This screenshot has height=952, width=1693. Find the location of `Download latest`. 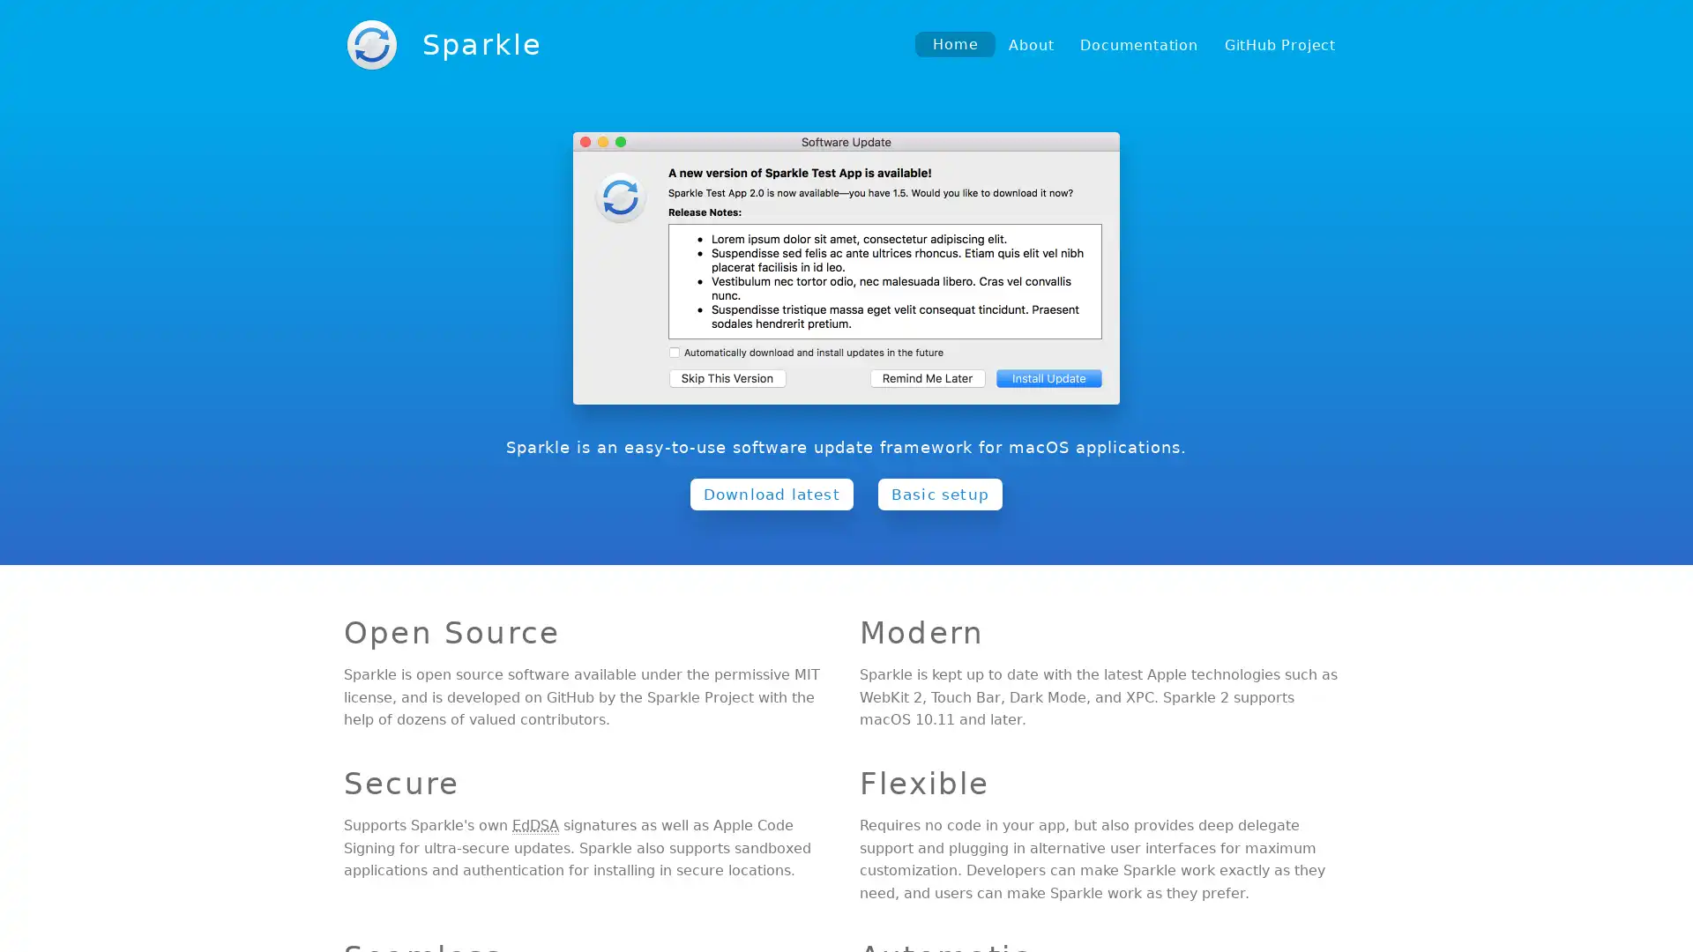

Download latest is located at coordinates (771, 493).